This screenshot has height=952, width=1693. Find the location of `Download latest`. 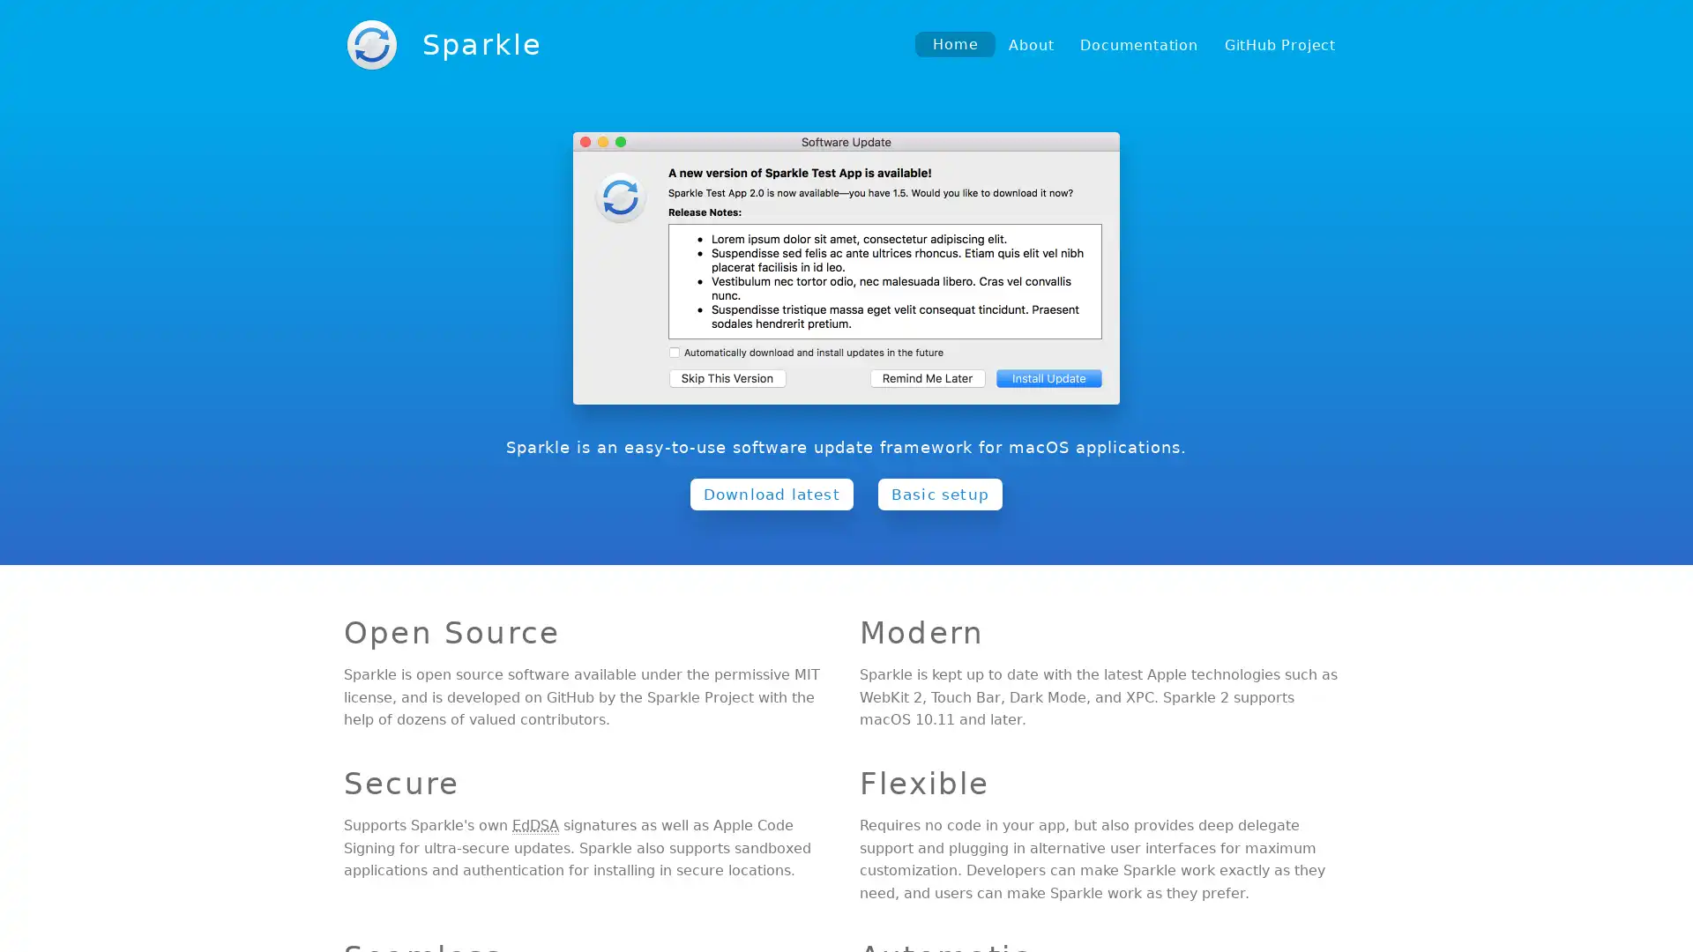

Download latest is located at coordinates (771, 493).